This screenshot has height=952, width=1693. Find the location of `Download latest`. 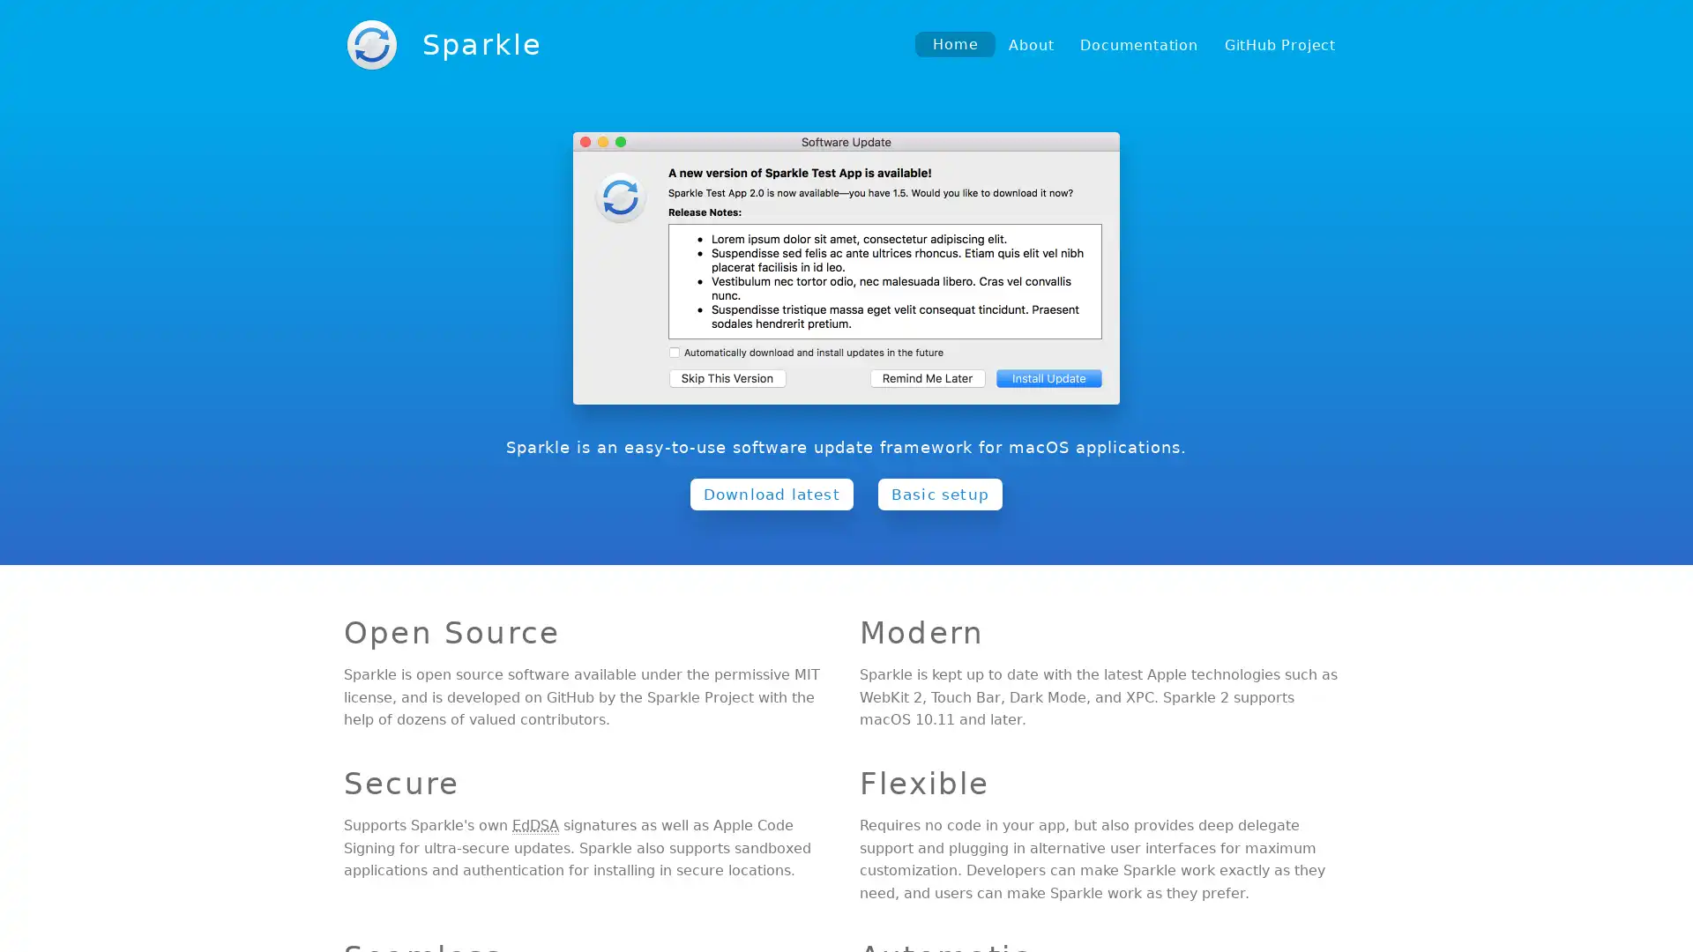

Download latest is located at coordinates (771, 493).